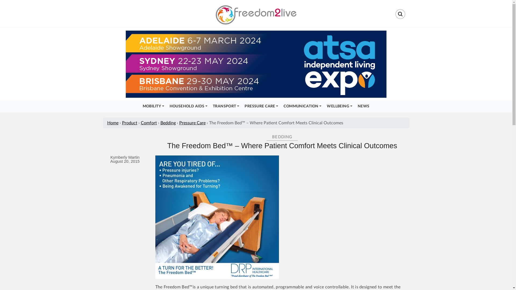 This screenshot has height=290, width=516. Describe the element at coordinates (141, 123) in the screenshot. I see `'Comfort'` at that location.